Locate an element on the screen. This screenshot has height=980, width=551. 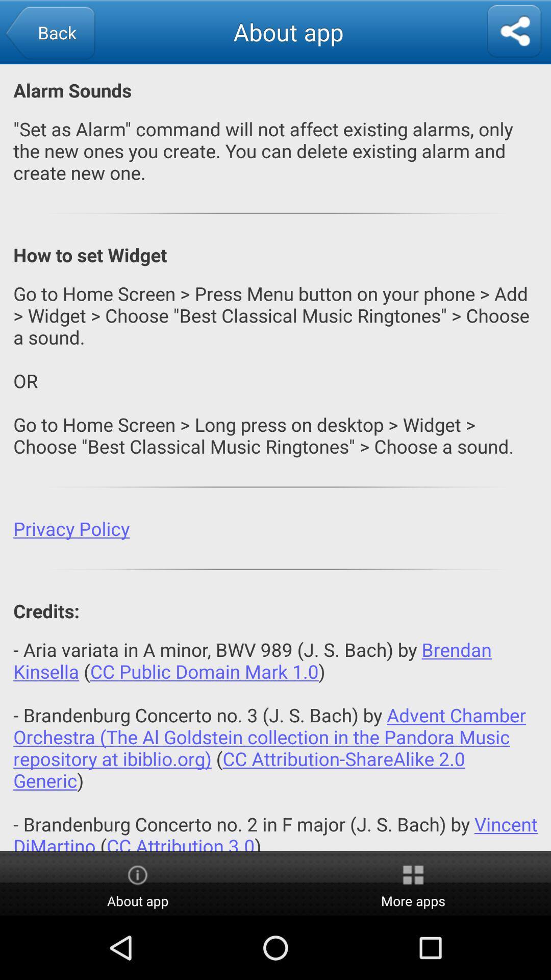
more apps is located at coordinates (413, 884).